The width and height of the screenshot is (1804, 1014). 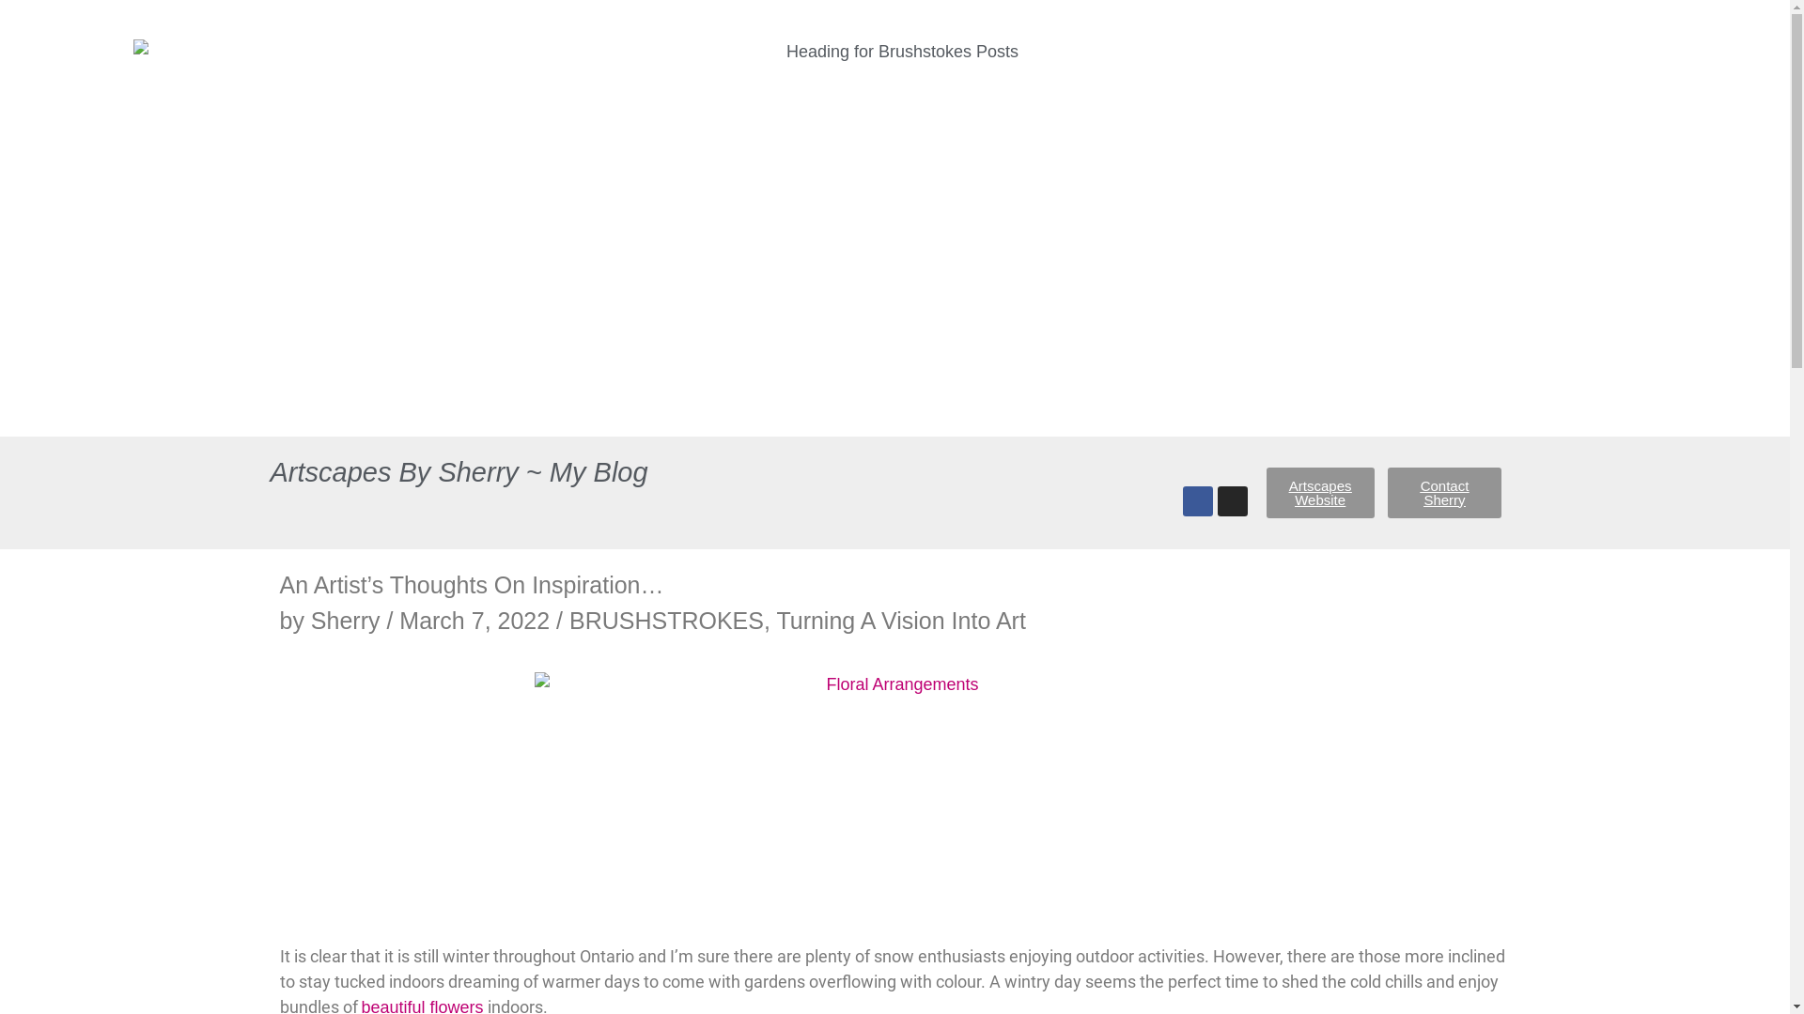 I want to click on 'Artscapes Website', so click(x=1319, y=491).